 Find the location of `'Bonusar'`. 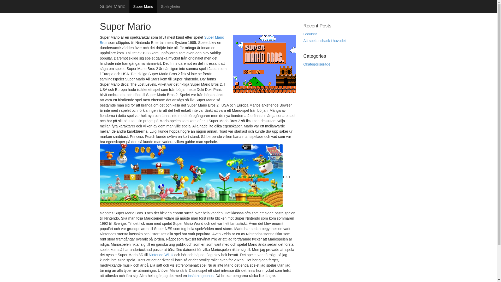

'Bonusar' is located at coordinates (310, 34).